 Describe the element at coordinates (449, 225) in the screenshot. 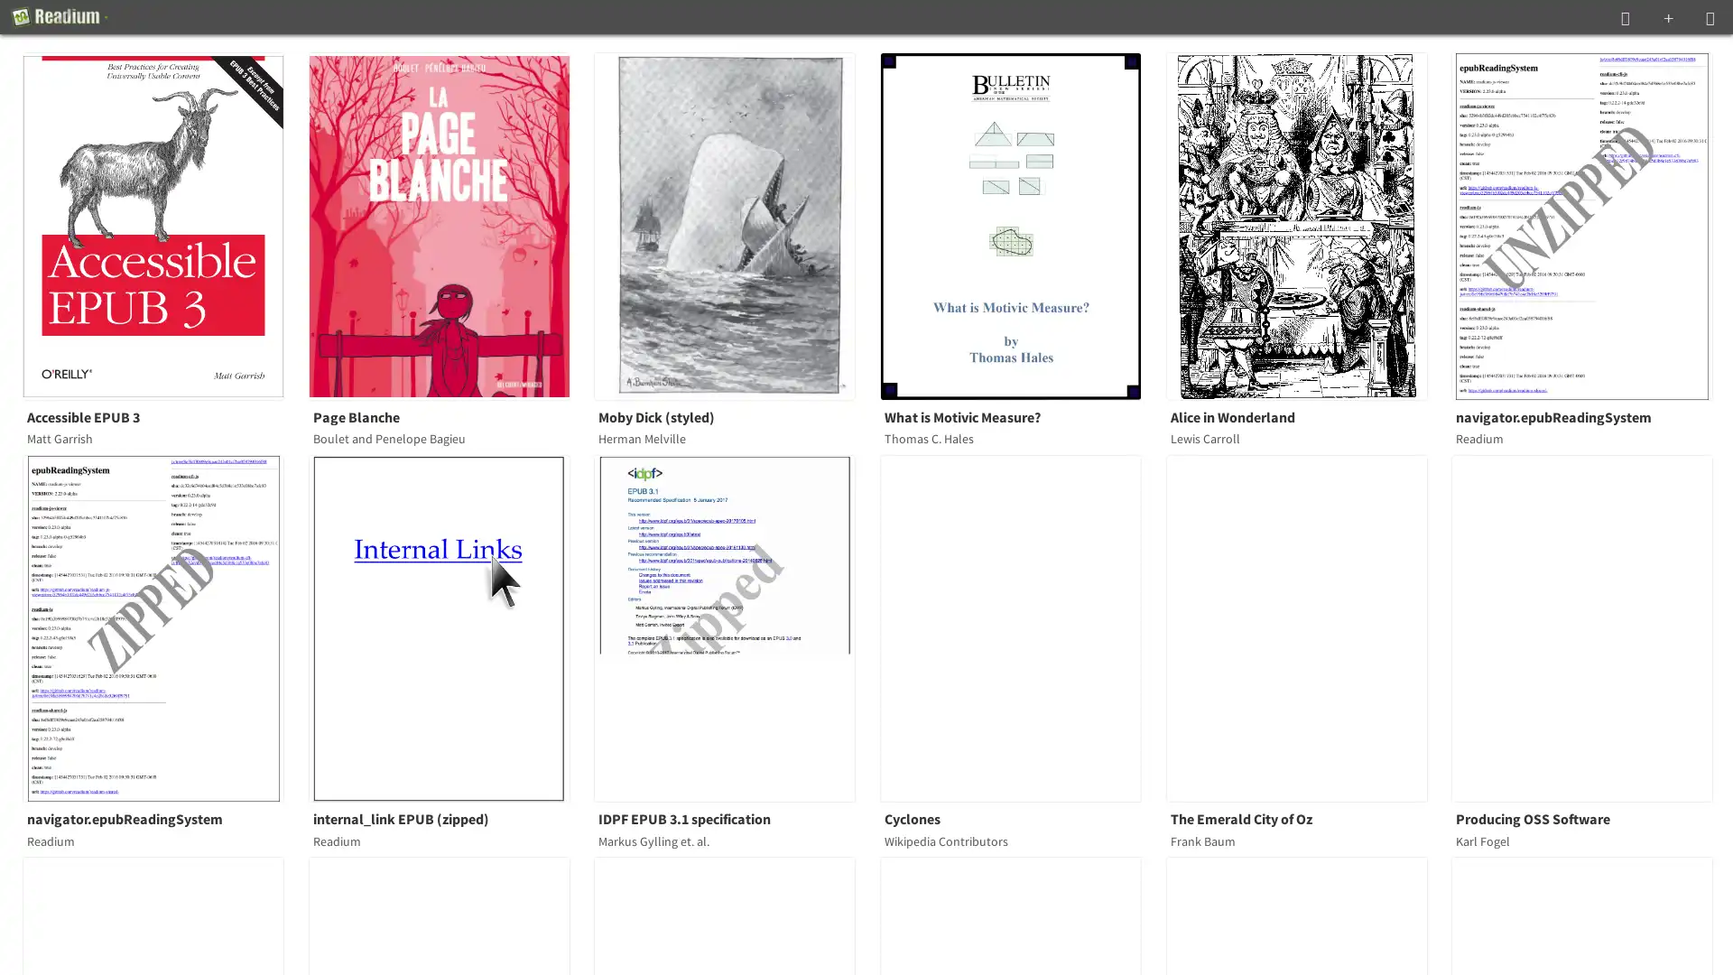

I see `(2) Page Blanche` at that location.